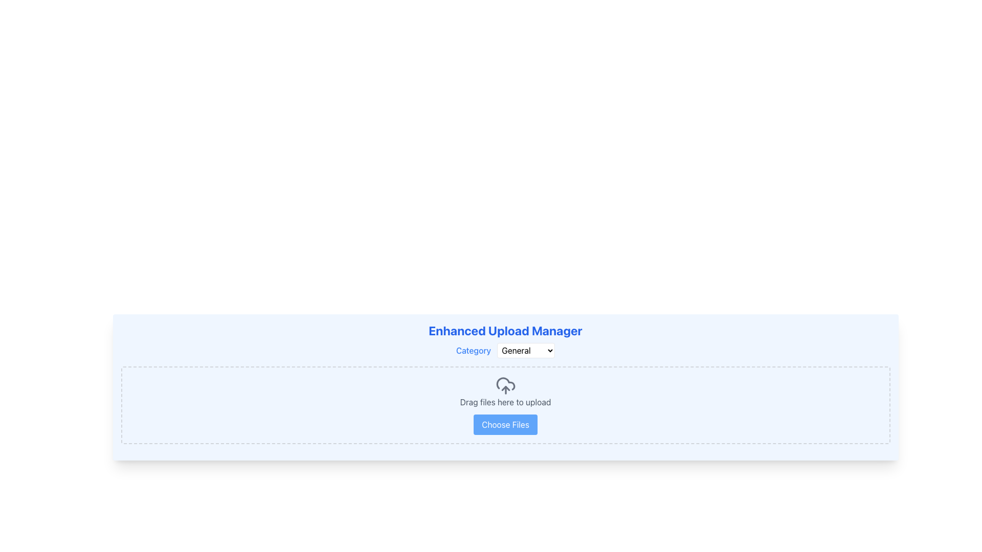 This screenshot has width=982, height=552. What do you see at coordinates (505, 401) in the screenshot?
I see `the text label that reads 'Drag files here to upload', which is styled with gray color and is centered below a cloud-upload icon` at bounding box center [505, 401].